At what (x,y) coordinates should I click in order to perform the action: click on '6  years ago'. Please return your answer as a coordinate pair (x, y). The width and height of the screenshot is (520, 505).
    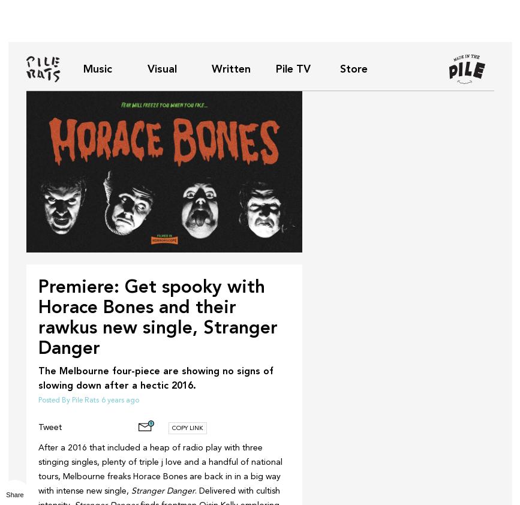
    Looking at the image, I should click on (101, 400).